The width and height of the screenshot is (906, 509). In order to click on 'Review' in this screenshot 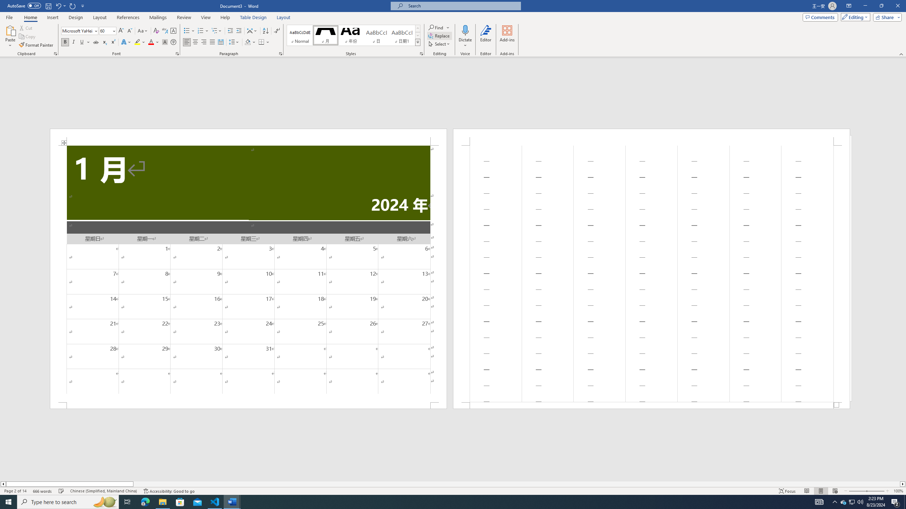, I will do `click(183, 17)`.